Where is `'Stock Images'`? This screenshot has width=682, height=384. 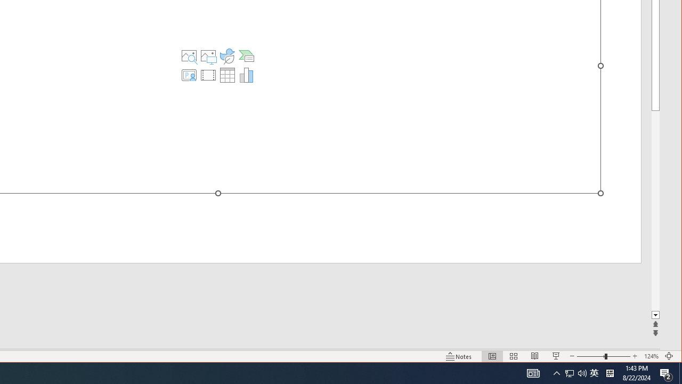
'Stock Images' is located at coordinates (189, 56).